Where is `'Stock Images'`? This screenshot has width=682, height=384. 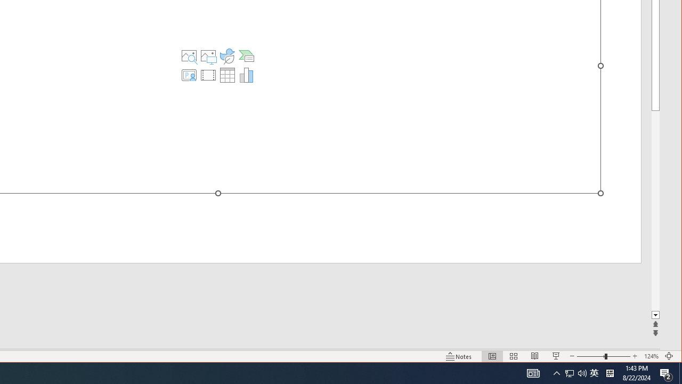
'Stock Images' is located at coordinates (189, 56).